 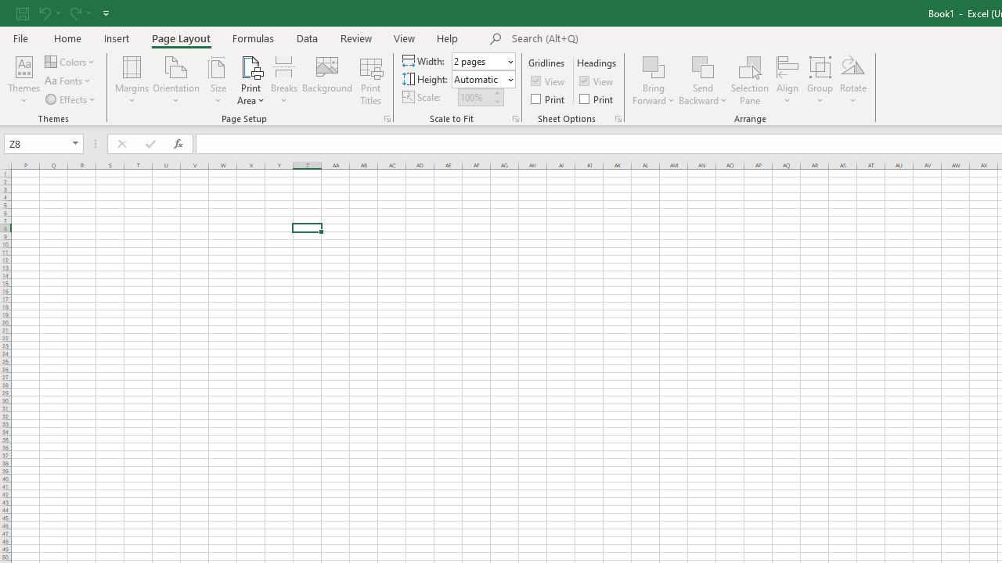 I want to click on 'Sheet Options', so click(x=617, y=117).